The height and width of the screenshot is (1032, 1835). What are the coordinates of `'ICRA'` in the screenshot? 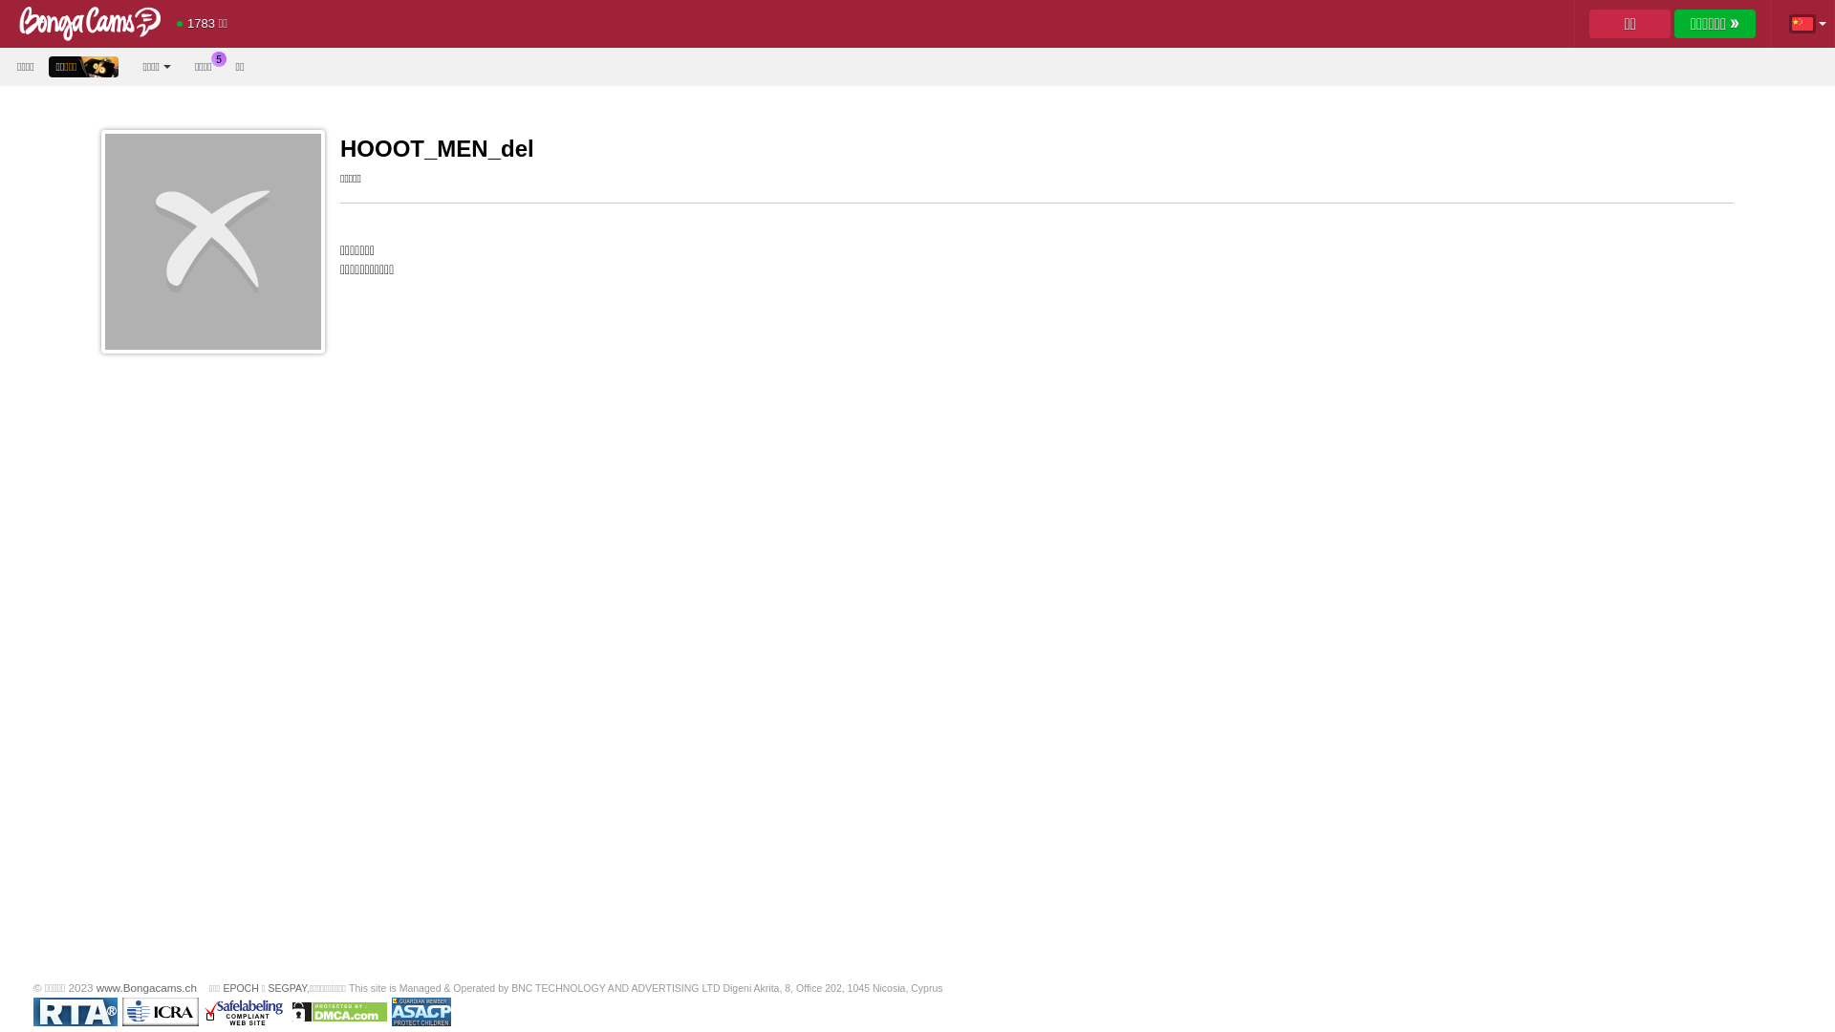 It's located at (161, 1011).